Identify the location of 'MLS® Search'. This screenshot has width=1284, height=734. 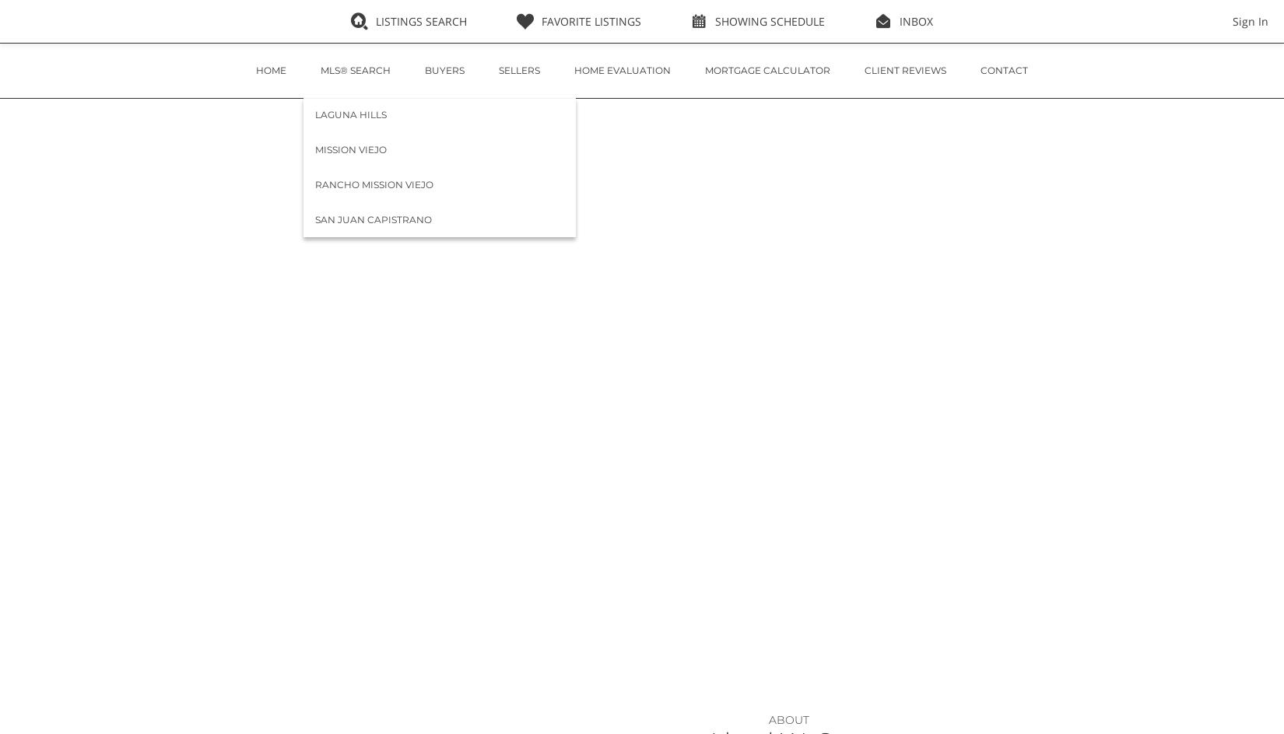
(355, 69).